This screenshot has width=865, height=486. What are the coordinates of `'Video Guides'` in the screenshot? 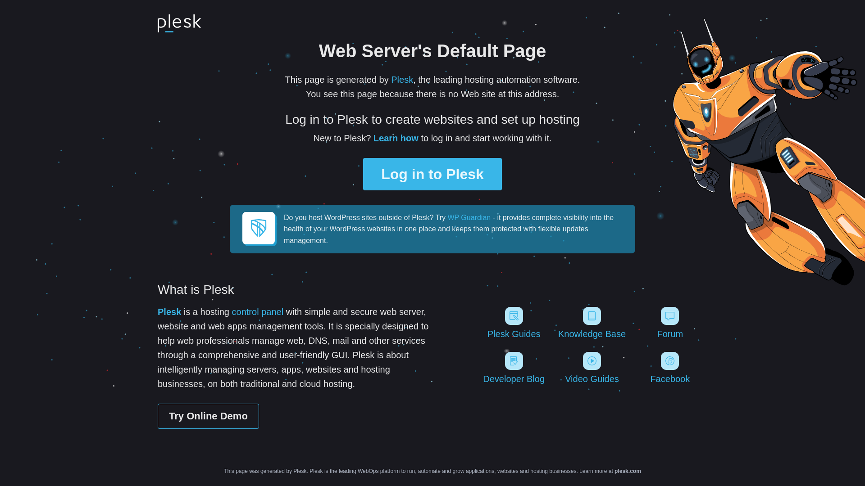 It's located at (554, 368).